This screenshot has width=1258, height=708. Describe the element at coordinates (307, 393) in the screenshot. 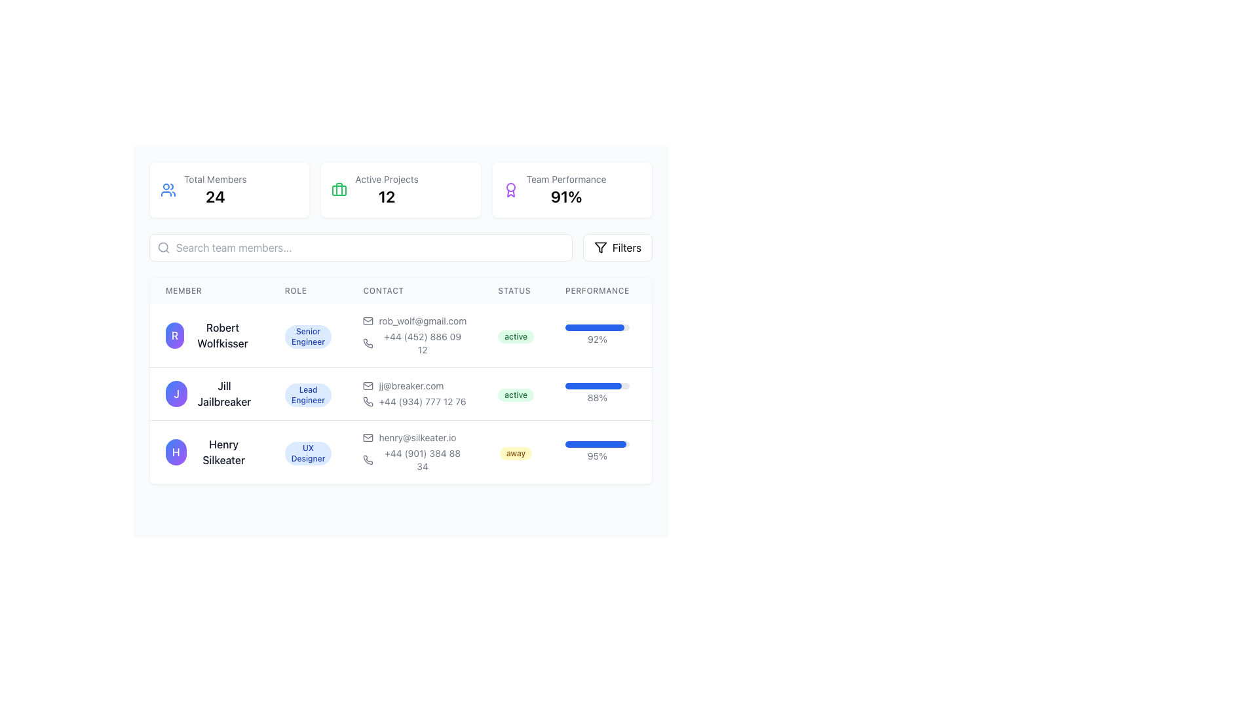

I see `the 'Lead Engineer' label in the 'ROLE' column of the second row, which has a light blue background and dark blue text, positioned between the 'MEMBER' and 'CONTACT' columns, associated with 'Jill Jailbreaker'` at that location.